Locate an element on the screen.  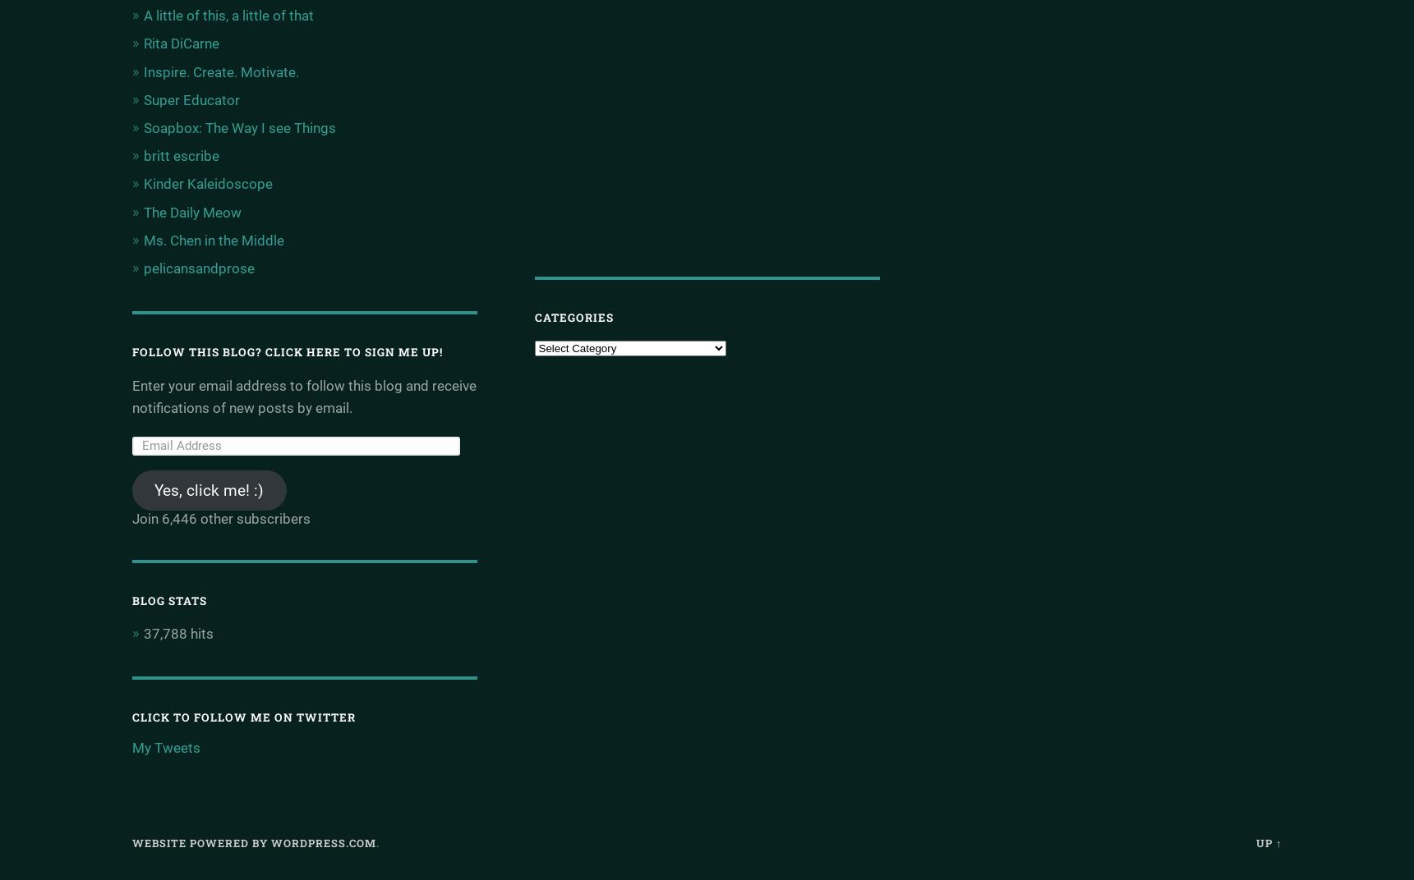
'Enter your email address to follow this blog and receive notifications of new posts by email.' is located at coordinates (303, 396).